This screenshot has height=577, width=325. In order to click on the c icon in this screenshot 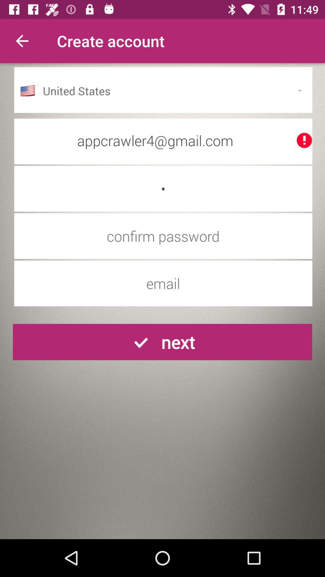, I will do `click(163, 188)`.